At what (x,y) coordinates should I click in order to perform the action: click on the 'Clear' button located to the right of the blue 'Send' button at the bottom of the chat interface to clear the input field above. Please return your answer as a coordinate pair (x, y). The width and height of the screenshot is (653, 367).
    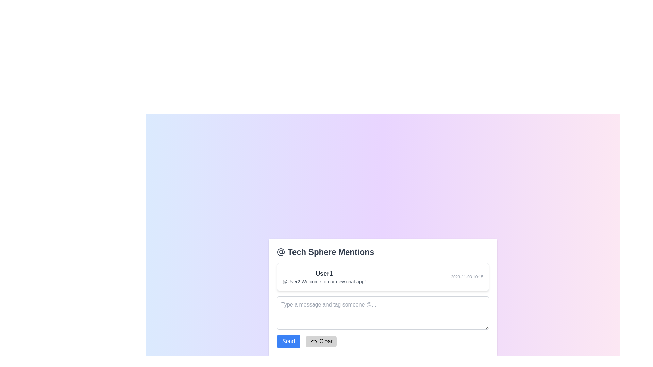
    Looking at the image, I should click on (321, 341).